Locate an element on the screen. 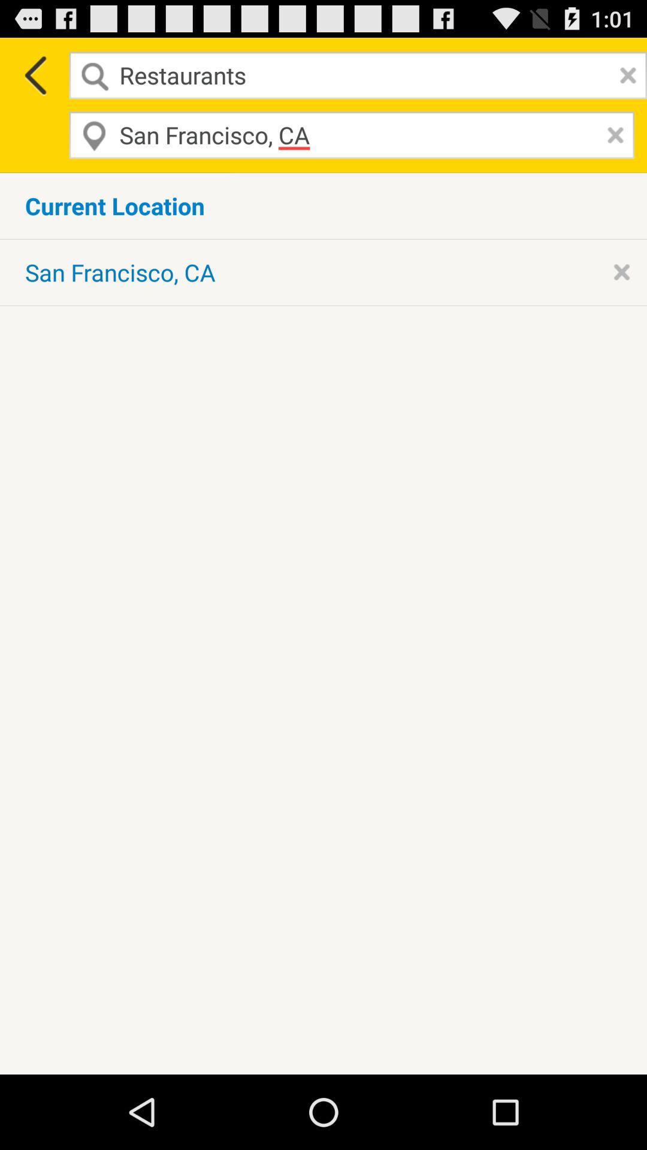  the close icon is located at coordinates (624, 80).